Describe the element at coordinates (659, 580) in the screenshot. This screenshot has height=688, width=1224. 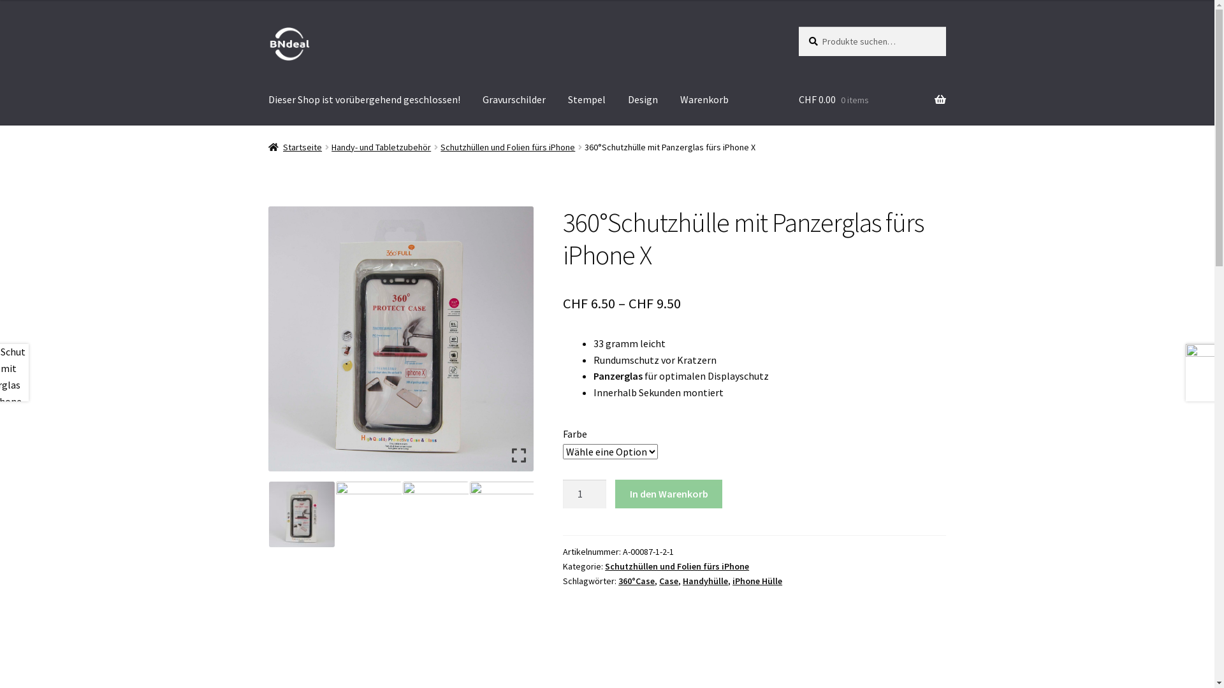
I see `'Case'` at that location.